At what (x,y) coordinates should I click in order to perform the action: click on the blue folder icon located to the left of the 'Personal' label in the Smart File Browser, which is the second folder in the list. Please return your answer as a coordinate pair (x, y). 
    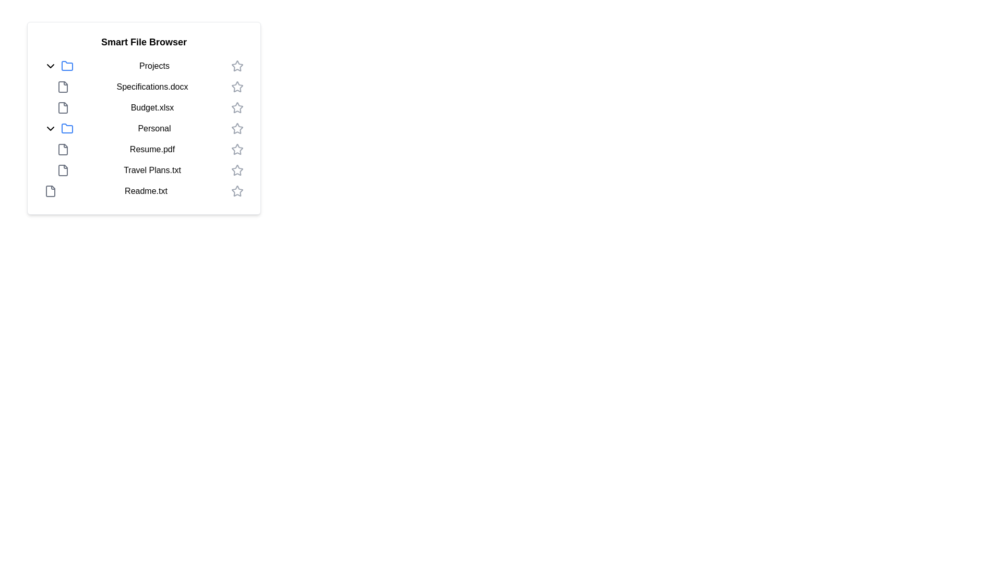
    Looking at the image, I should click on (67, 128).